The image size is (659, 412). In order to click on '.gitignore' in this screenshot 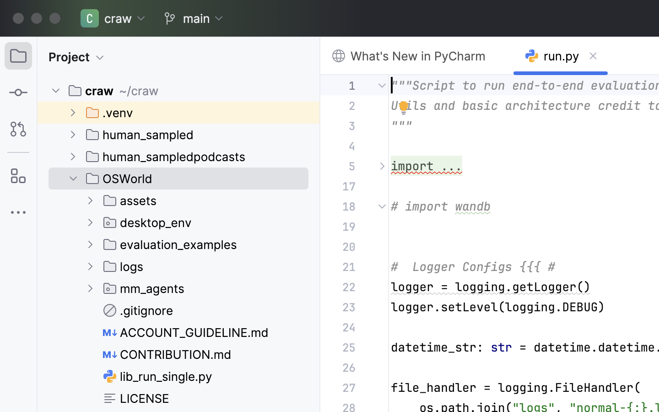, I will do `click(138, 309)`.